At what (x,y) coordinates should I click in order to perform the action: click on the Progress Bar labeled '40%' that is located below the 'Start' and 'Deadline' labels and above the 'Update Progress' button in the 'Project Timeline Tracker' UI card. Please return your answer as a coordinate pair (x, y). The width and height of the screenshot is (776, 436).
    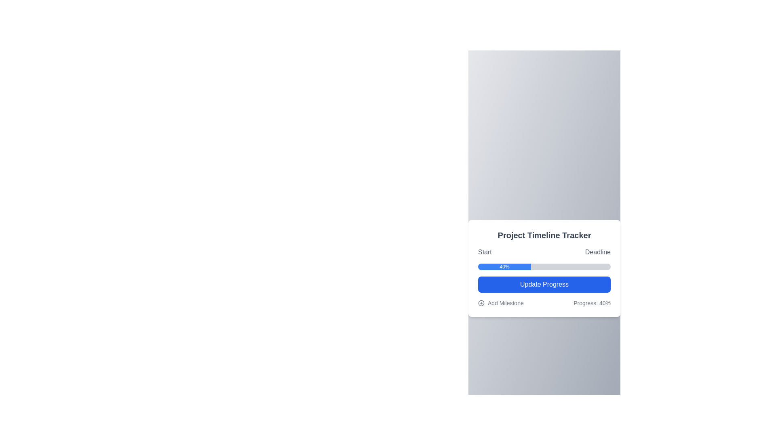
    Looking at the image, I should click on (544, 266).